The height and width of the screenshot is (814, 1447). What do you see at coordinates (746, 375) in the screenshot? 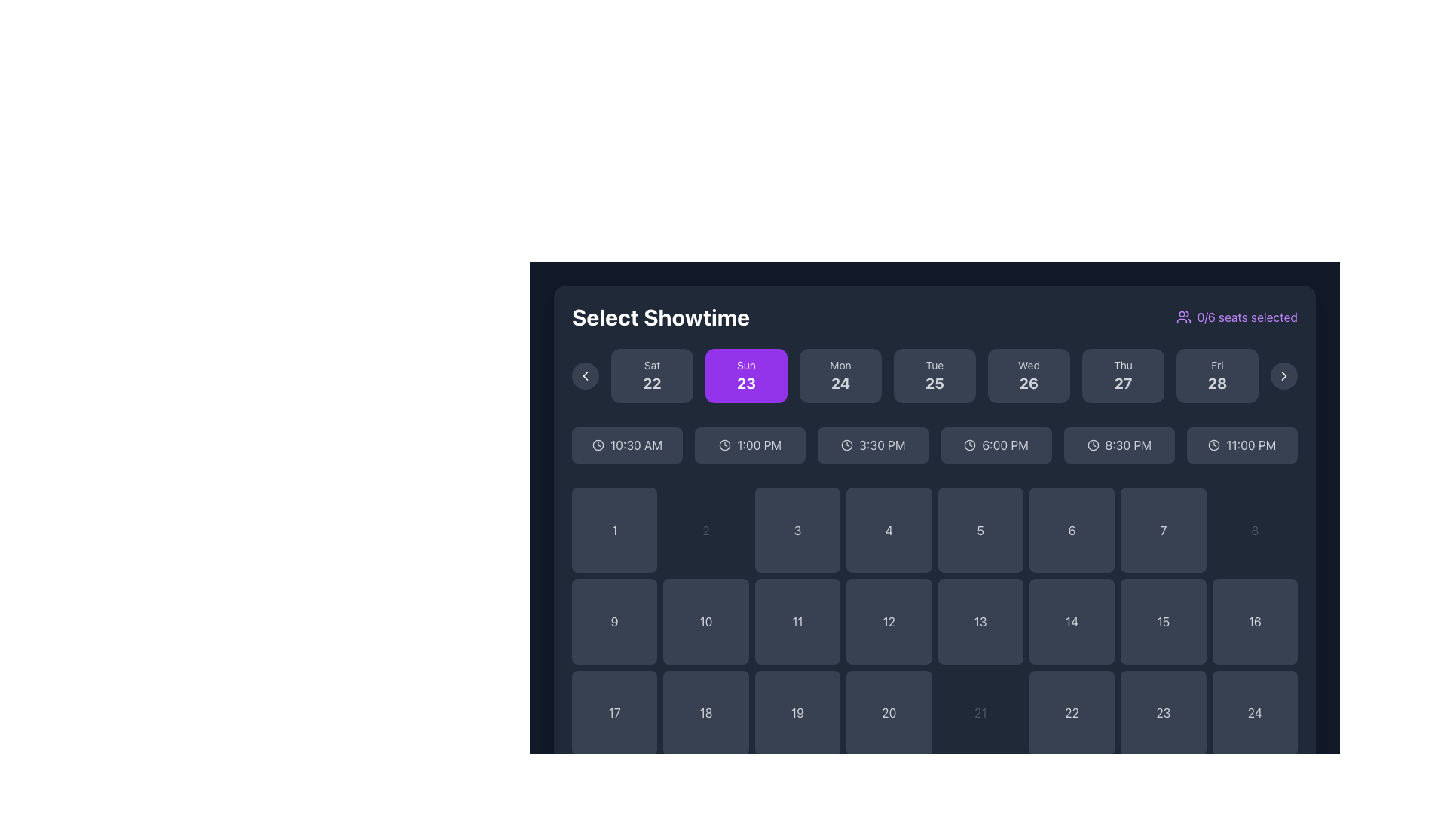
I see `the date indicator button representing 'Sunday, the 23rd' in the weekly date selector` at bounding box center [746, 375].